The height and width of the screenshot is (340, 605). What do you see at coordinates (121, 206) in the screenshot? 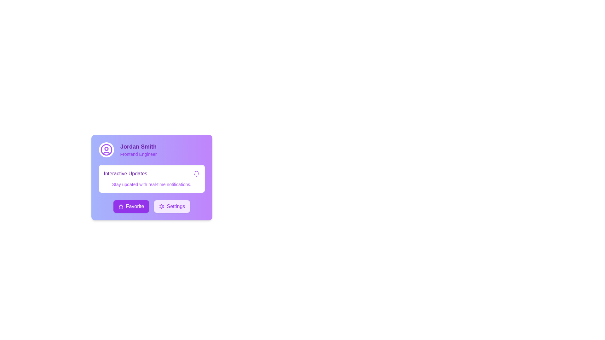
I see `the 'Favorite' button located in the settings panel beneath the user's profile details` at bounding box center [121, 206].